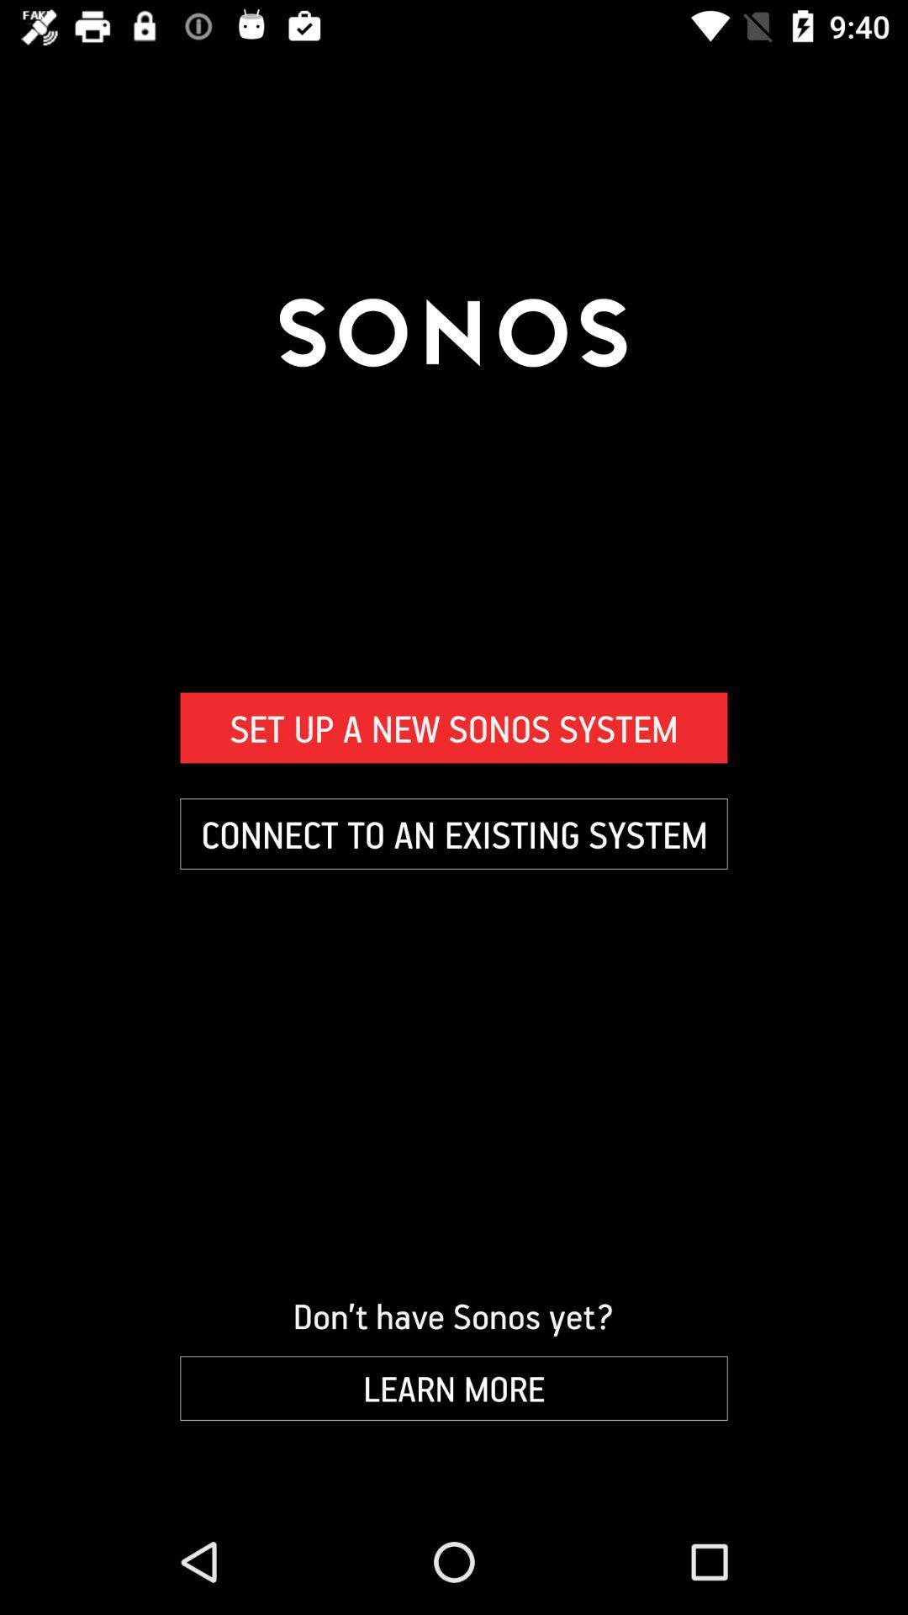  What do you see at coordinates (454, 1388) in the screenshot?
I see `the learn more` at bounding box center [454, 1388].